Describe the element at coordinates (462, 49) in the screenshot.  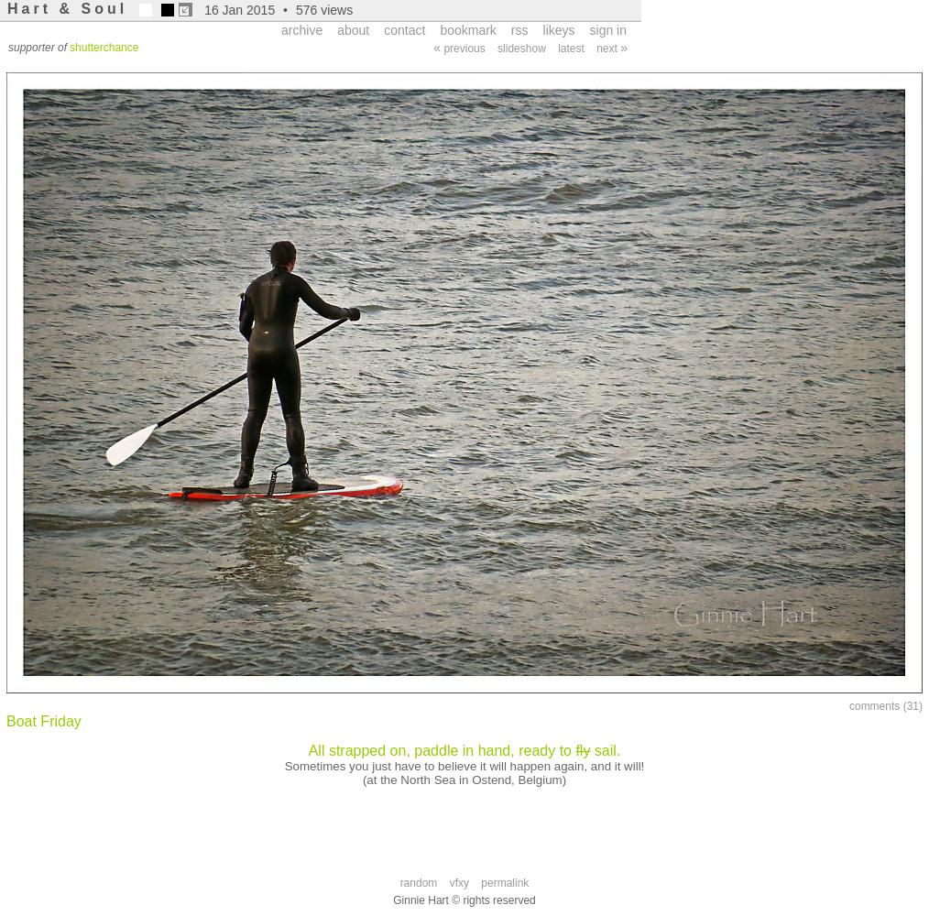
I see `'previous'` at that location.